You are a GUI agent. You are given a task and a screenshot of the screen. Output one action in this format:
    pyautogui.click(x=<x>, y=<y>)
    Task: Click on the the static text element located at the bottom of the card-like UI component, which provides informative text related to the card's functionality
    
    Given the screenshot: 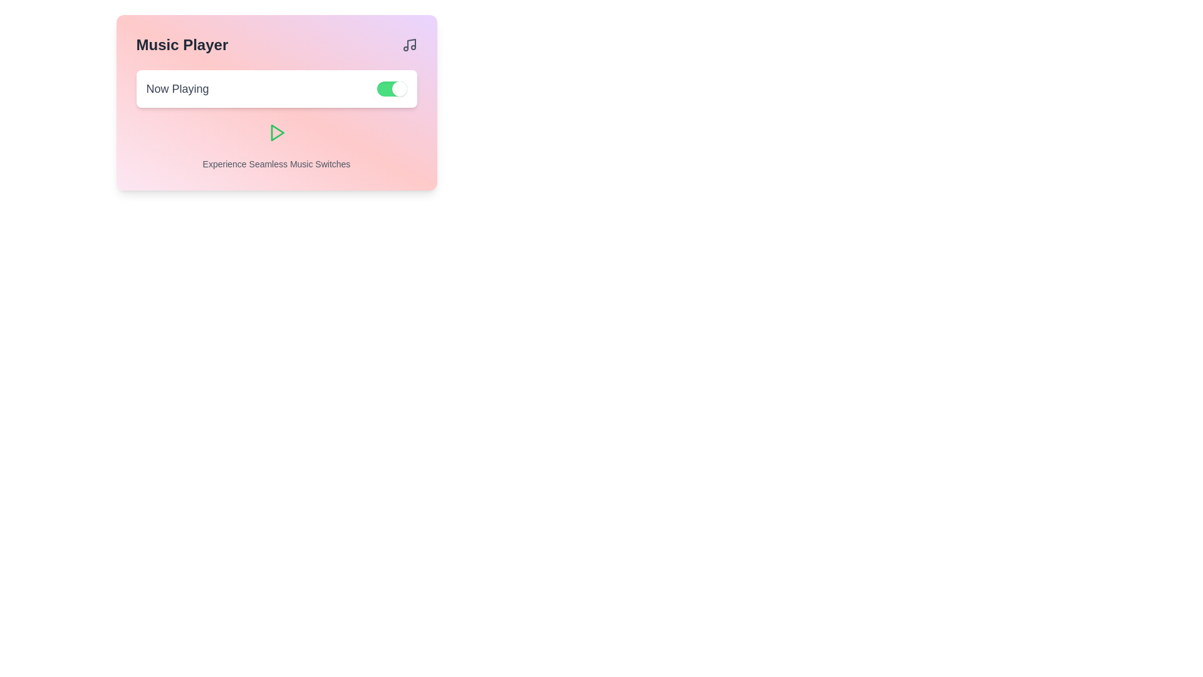 What is the action you would take?
    pyautogui.click(x=276, y=164)
    